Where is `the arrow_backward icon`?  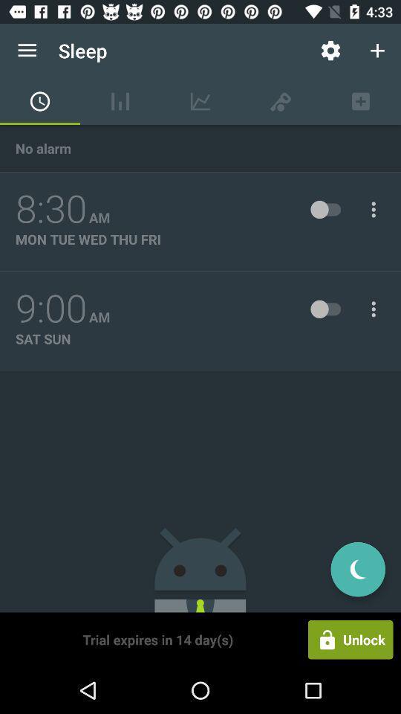 the arrow_backward icon is located at coordinates (357, 568).